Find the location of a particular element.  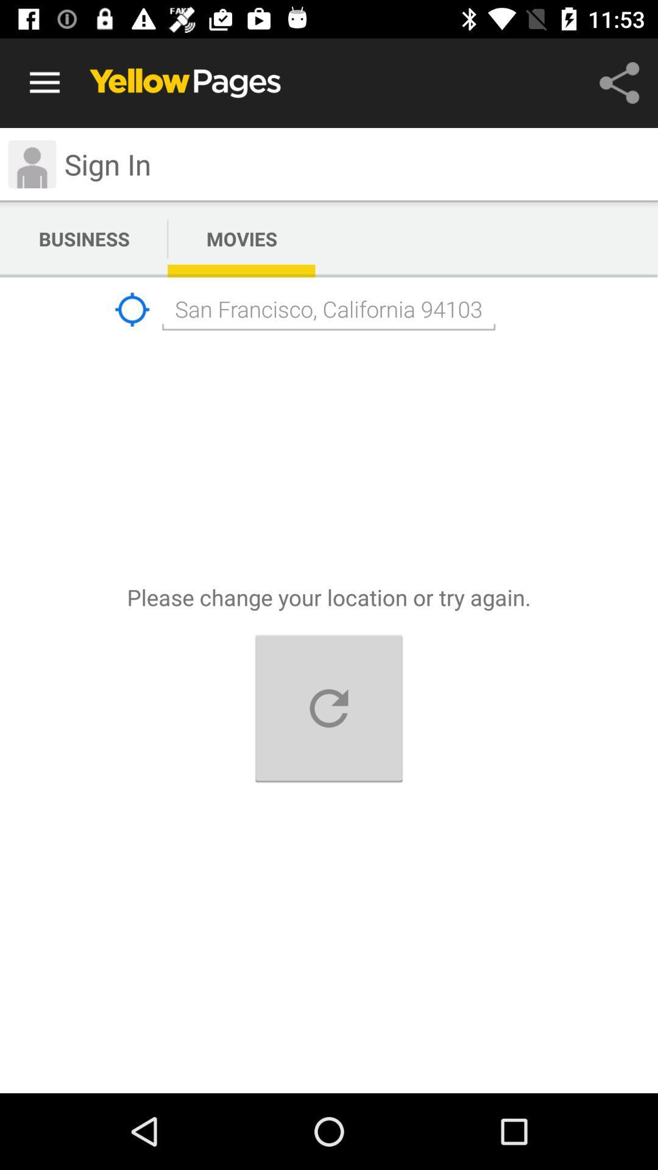

text next to business is located at coordinates (242, 239).